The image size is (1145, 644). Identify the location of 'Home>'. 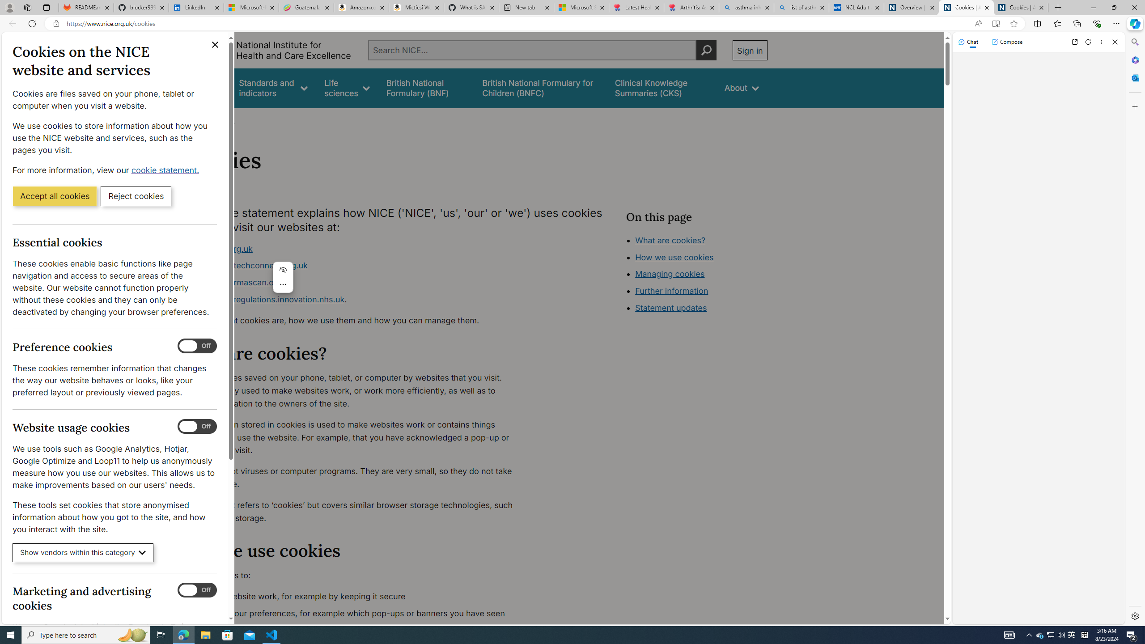
(193, 120).